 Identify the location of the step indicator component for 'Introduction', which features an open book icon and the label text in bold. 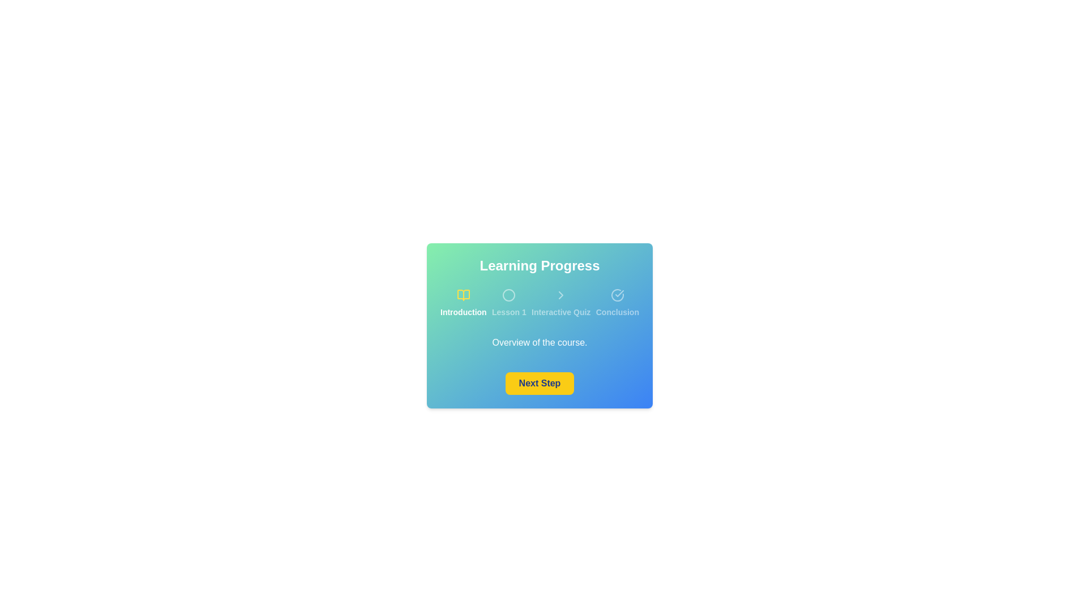
(463, 303).